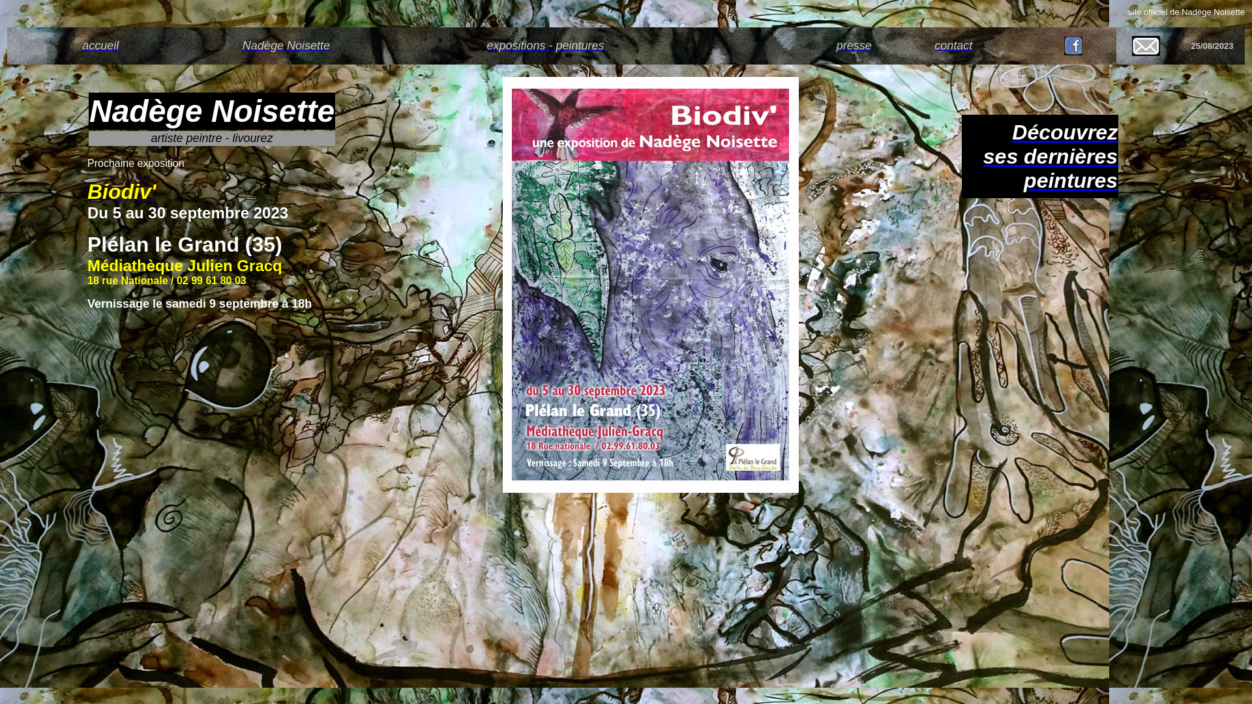  Describe the element at coordinates (121, 195) in the screenshot. I see `'Biodiv''` at that location.